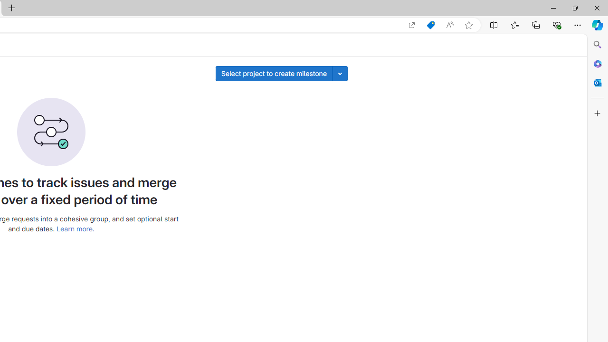  What do you see at coordinates (412, 25) in the screenshot?
I see `'Open in app'` at bounding box center [412, 25].